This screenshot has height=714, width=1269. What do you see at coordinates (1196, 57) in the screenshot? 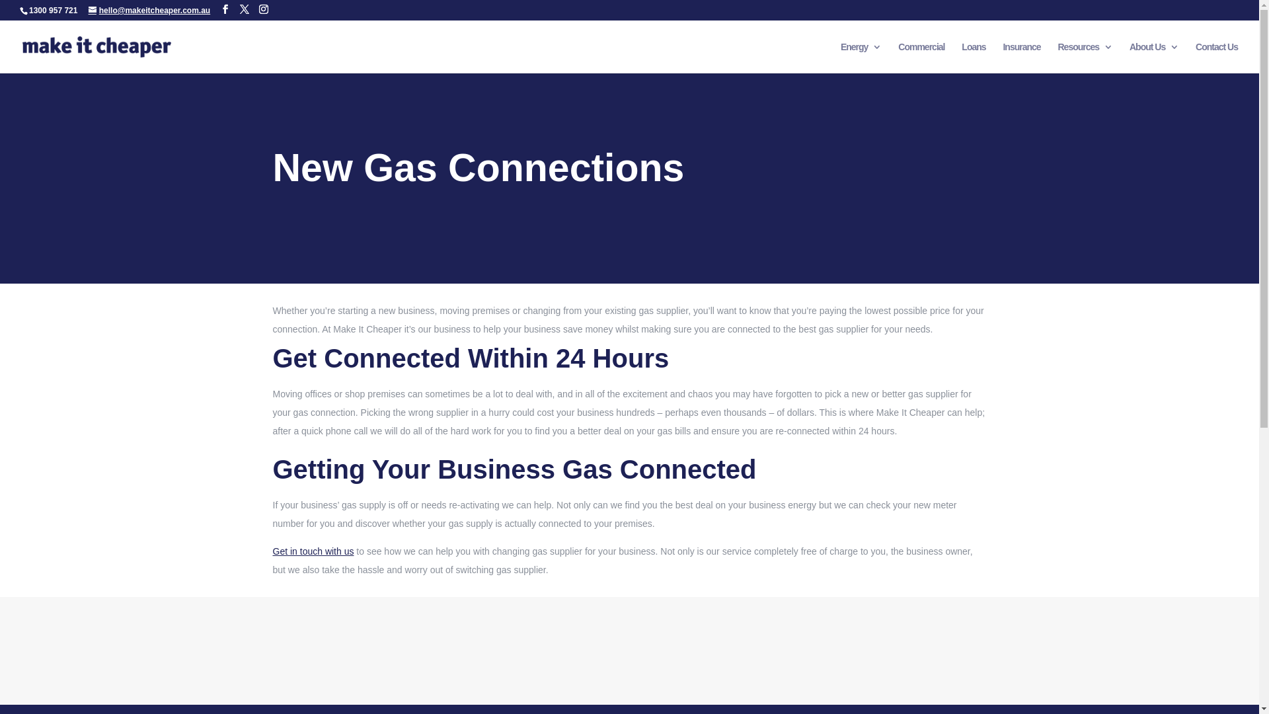
I see `'Contact Us'` at bounding box center [1196, 57].